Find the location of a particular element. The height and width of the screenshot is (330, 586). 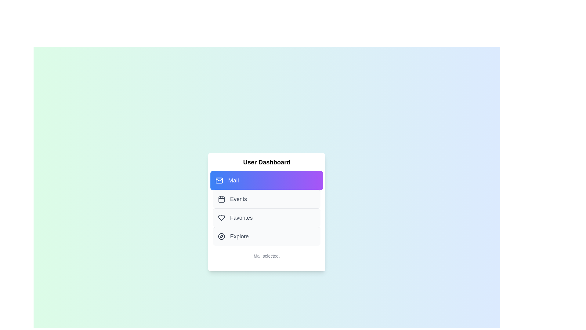

the menu option labeled Explore is located at coordinates (266, 236).